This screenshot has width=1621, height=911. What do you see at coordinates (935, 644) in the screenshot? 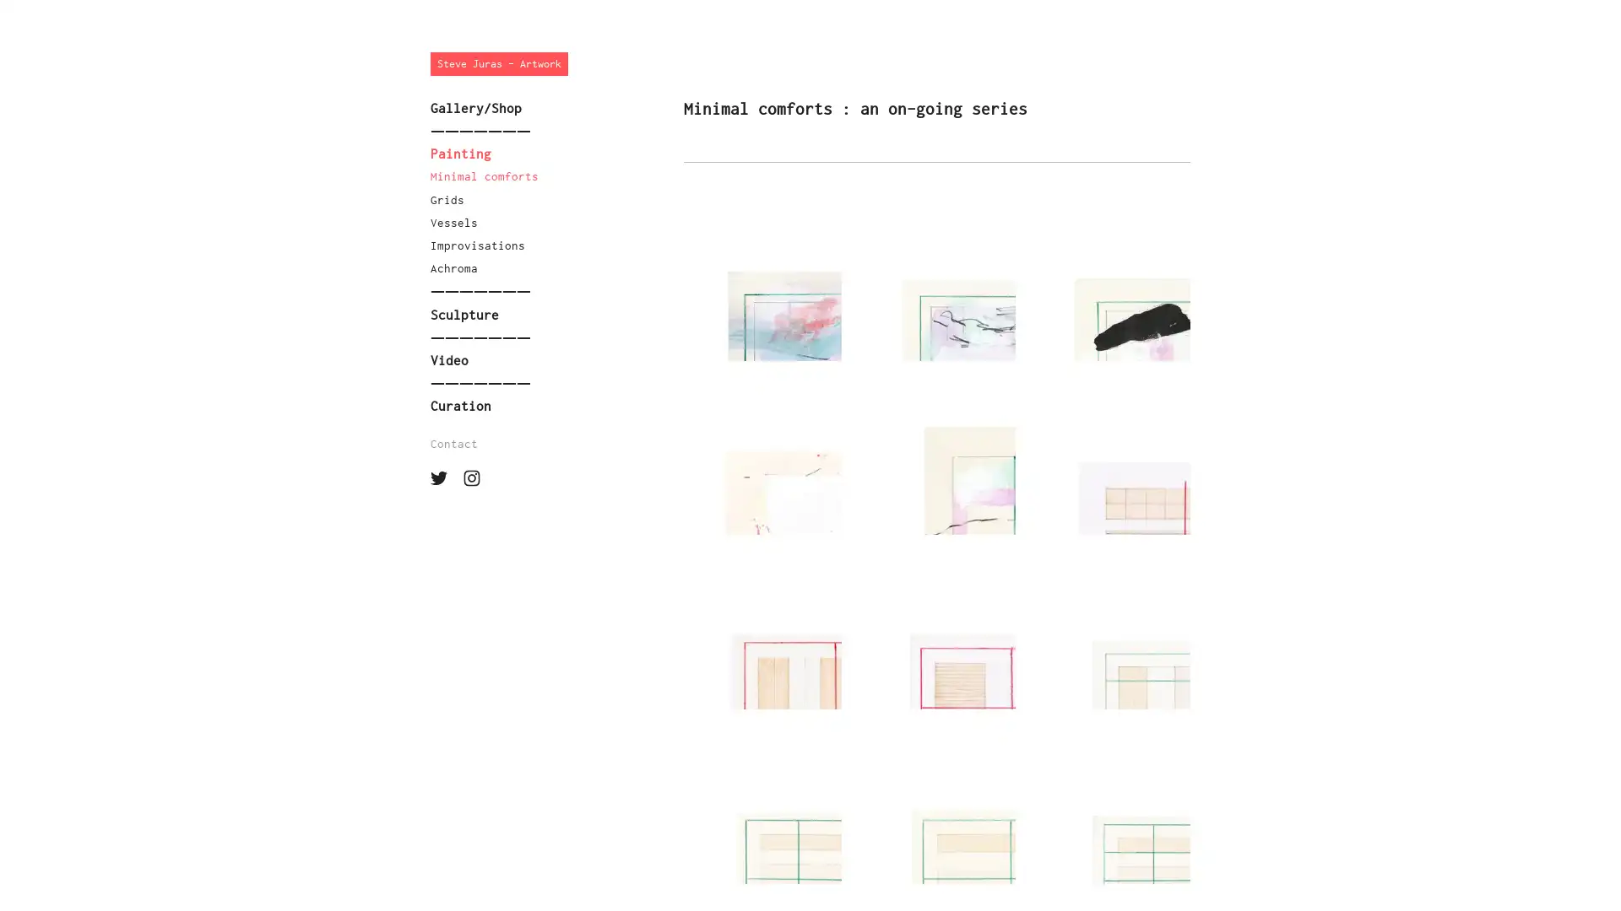
I see `View fullsize Kissing booth` at bounding box center [935, 644].